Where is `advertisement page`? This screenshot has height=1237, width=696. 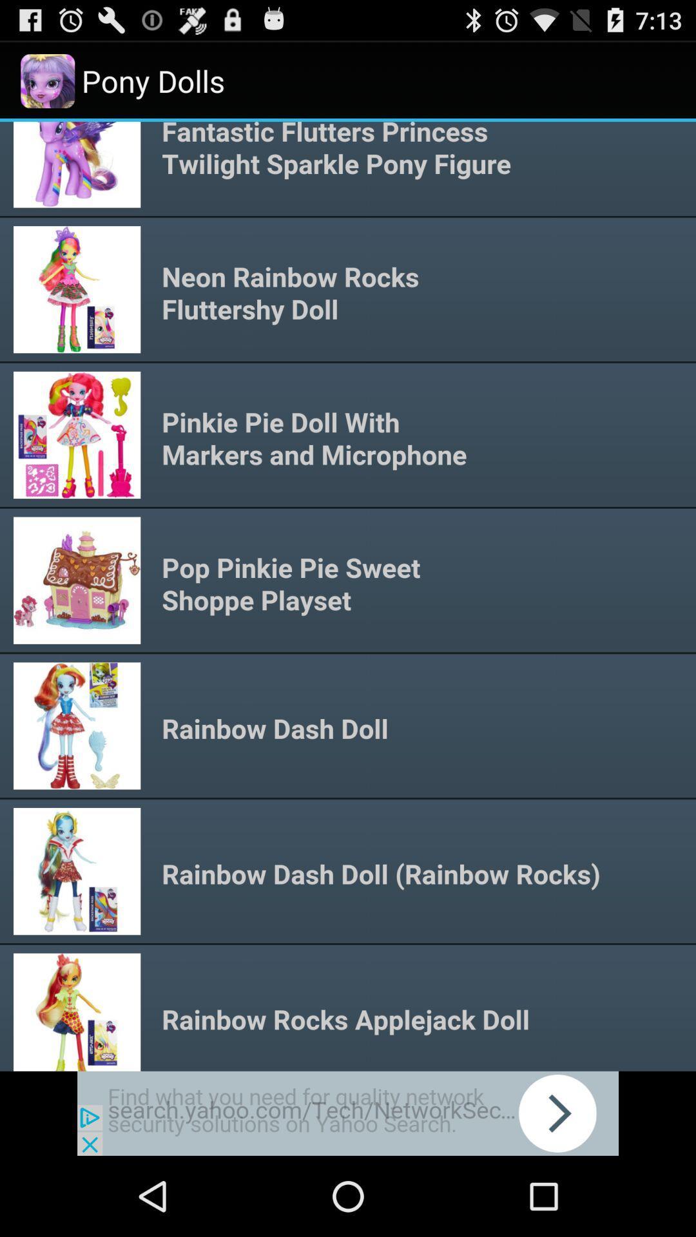 advertisement page is located at coordinates (348, 1113).